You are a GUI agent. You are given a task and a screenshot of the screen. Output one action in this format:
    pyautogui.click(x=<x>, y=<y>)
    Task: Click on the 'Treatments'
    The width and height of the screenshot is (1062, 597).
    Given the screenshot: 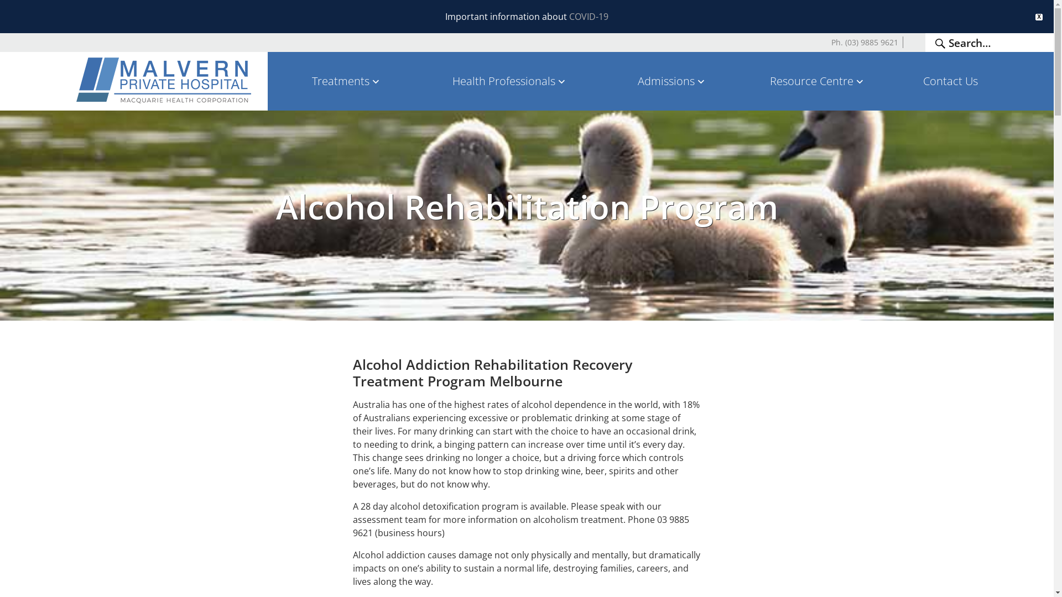 What is the action you would take?
    pyautogui.click(x=346, y=80)
    